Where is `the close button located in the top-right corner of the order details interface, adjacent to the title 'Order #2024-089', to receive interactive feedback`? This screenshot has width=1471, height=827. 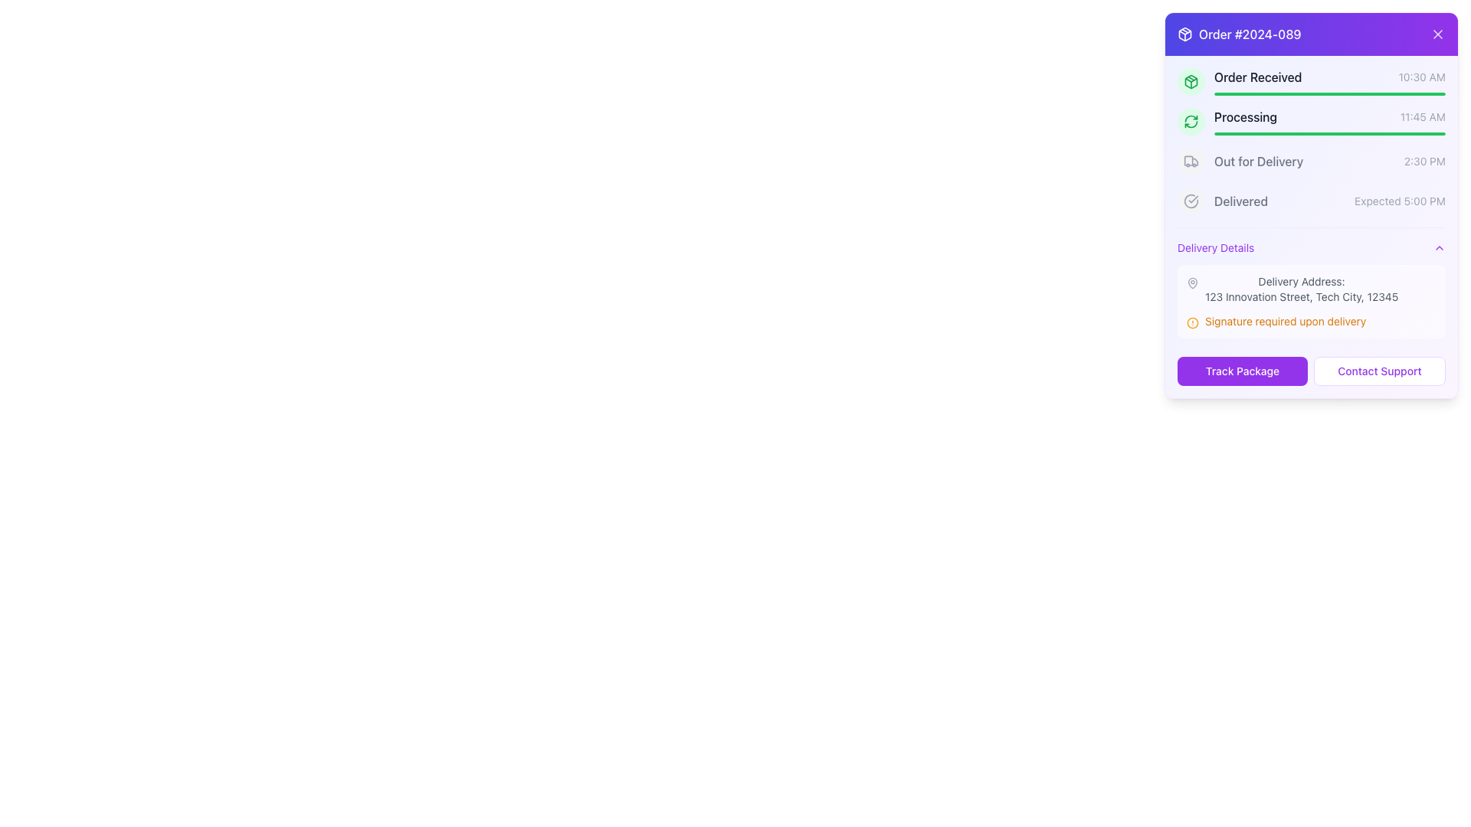 the close button located in the top-right corner of the order details interface, adjacent to the title 'Order #2024-089', to receive interactive feedback is located at coordinates (1437, 34).